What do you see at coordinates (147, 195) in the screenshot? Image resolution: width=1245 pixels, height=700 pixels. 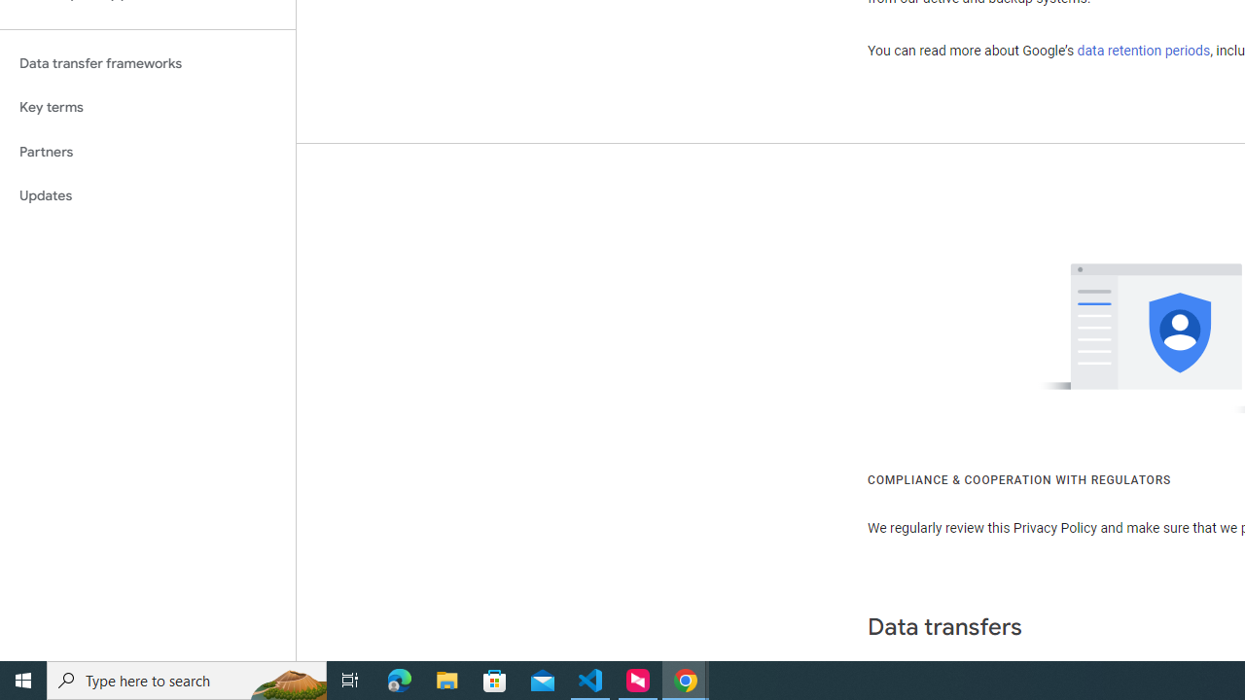 I see `'Updates'` at bounding box center [147, 195].